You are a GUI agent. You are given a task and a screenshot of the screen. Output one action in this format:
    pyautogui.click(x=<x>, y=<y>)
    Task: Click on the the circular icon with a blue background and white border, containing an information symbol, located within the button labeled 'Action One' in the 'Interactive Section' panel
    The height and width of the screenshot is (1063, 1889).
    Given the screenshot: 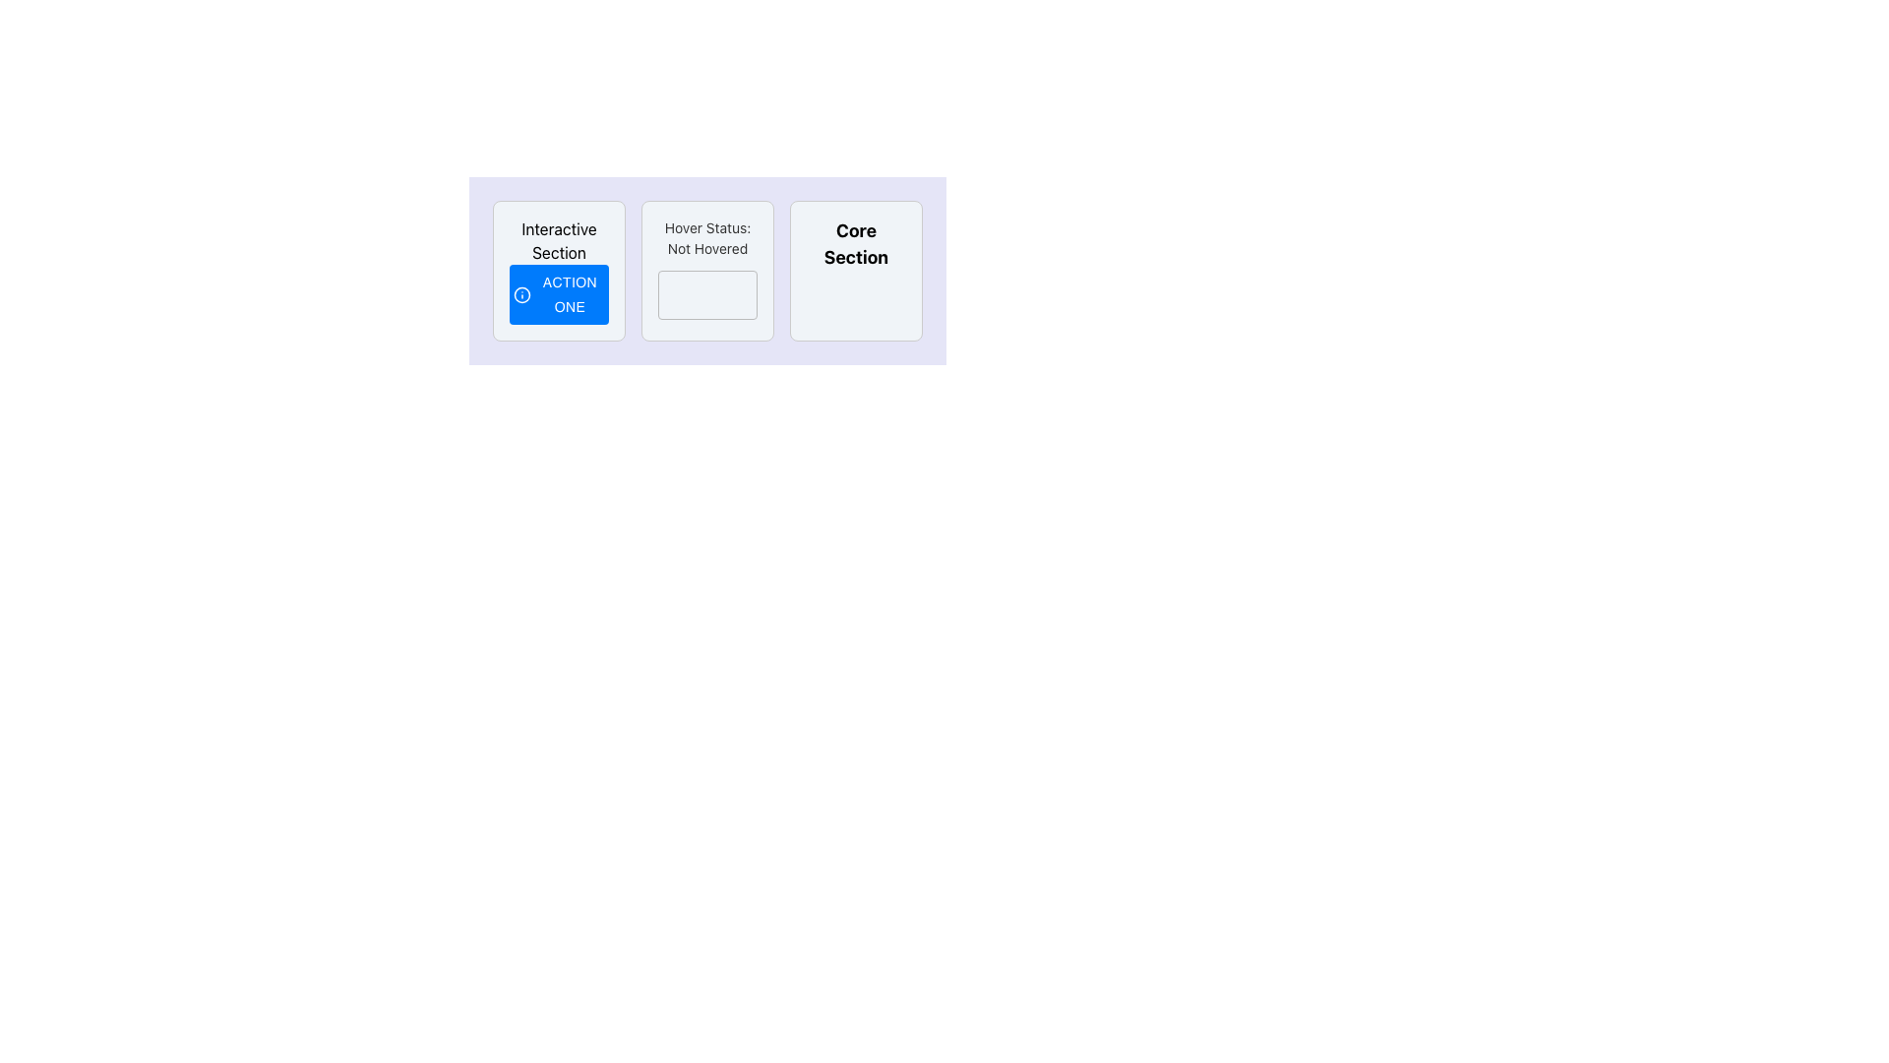 What is the action you would take?
    pyautogui.click(x=522, y=294)
    